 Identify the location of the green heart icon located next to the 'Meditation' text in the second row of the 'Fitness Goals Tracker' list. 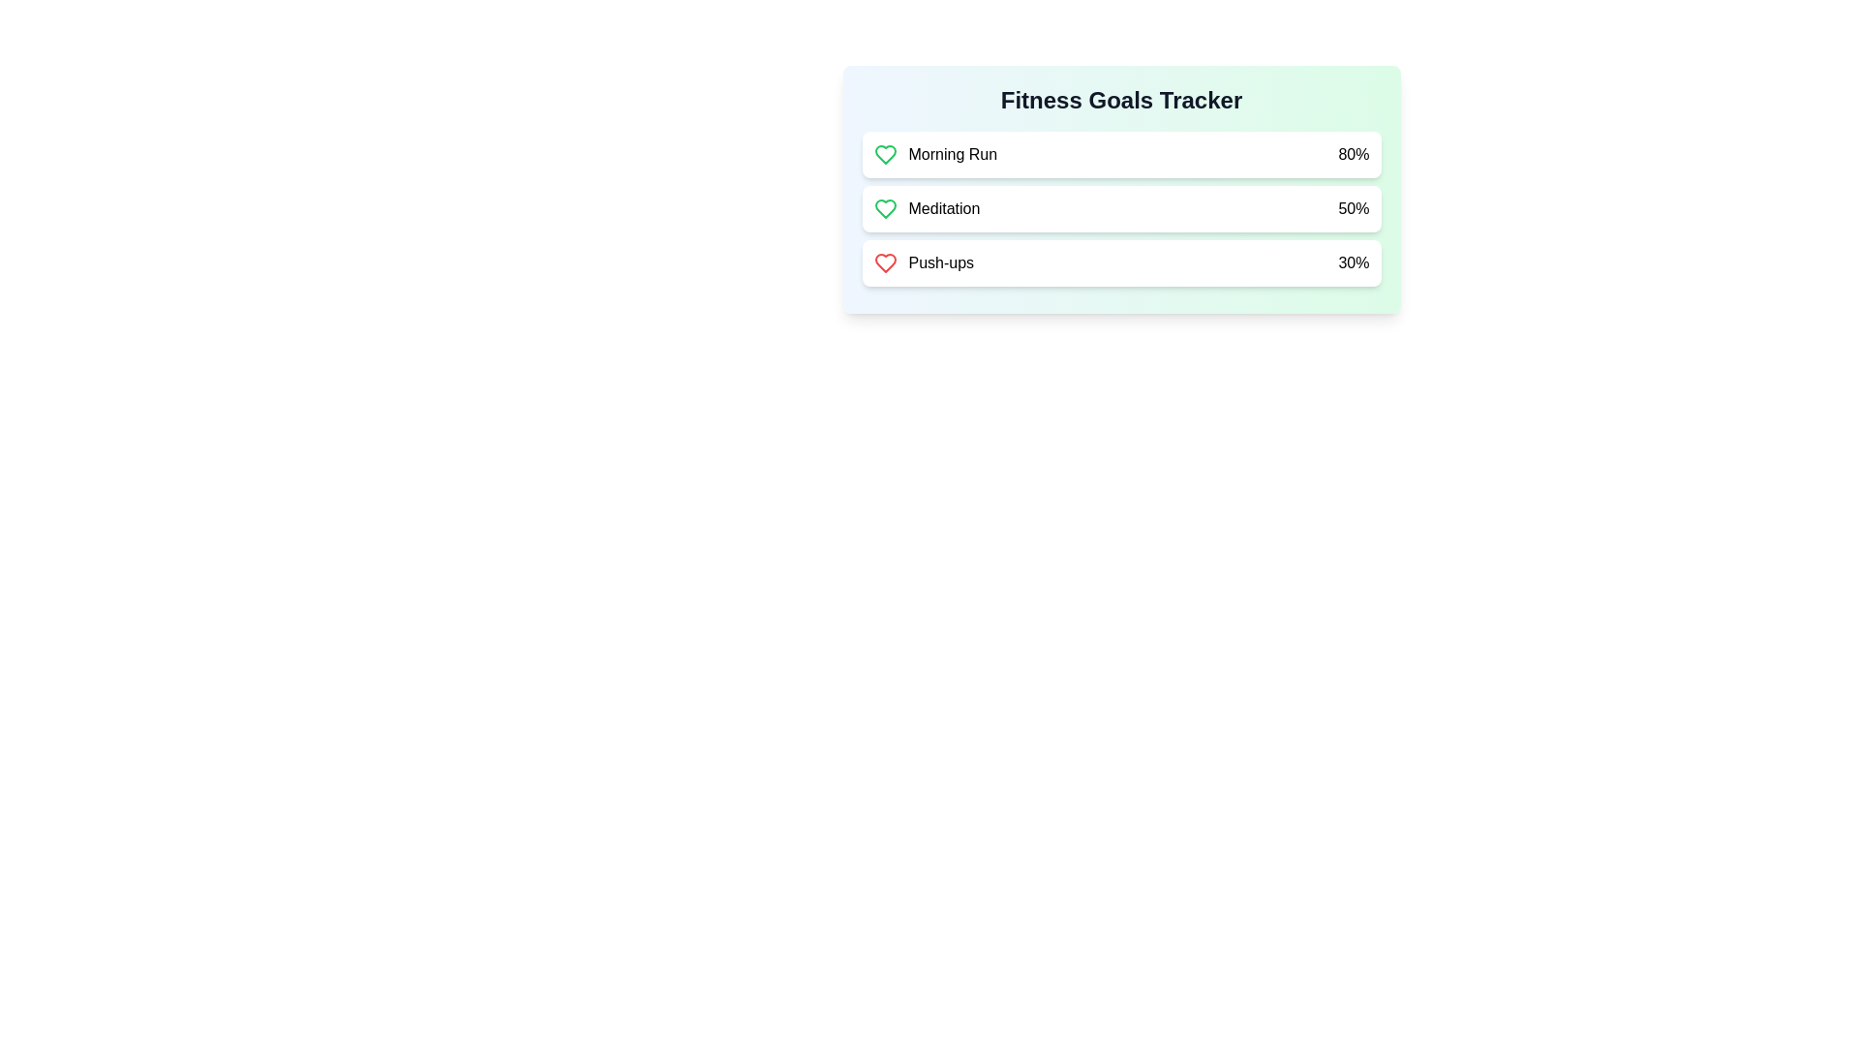
(884, 153).